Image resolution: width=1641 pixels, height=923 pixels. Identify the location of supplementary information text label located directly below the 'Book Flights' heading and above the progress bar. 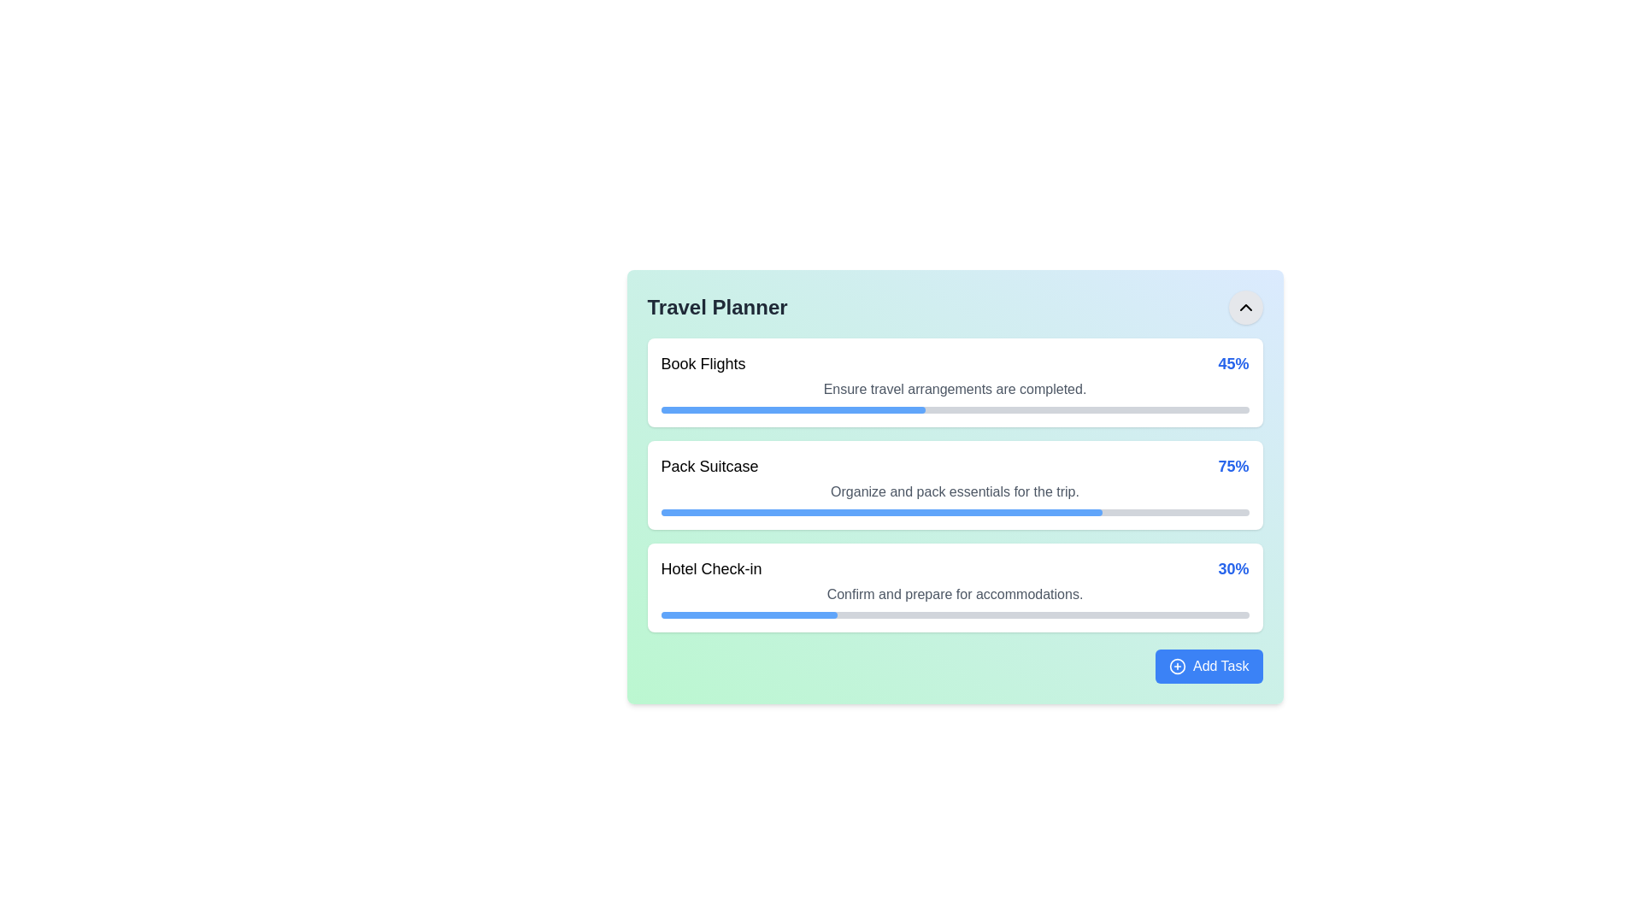
(954, 389).